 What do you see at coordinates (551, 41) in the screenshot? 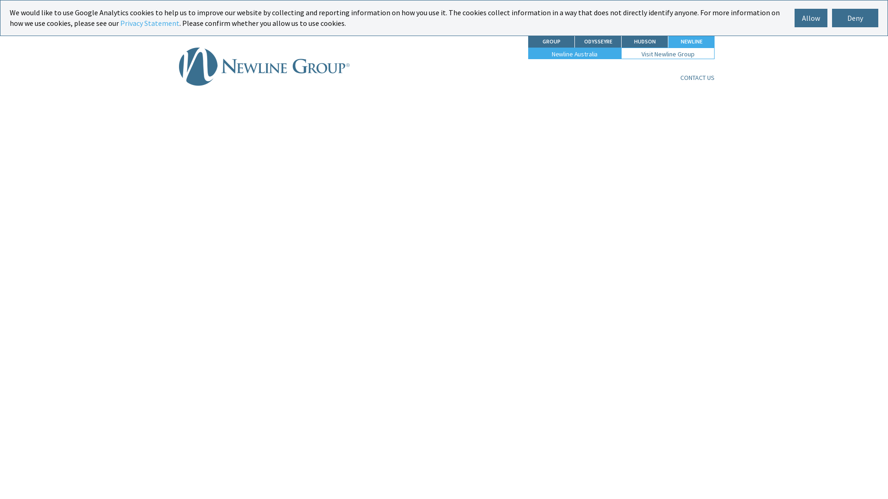
I see `'GROUP'` at bounding box center [551, 41].